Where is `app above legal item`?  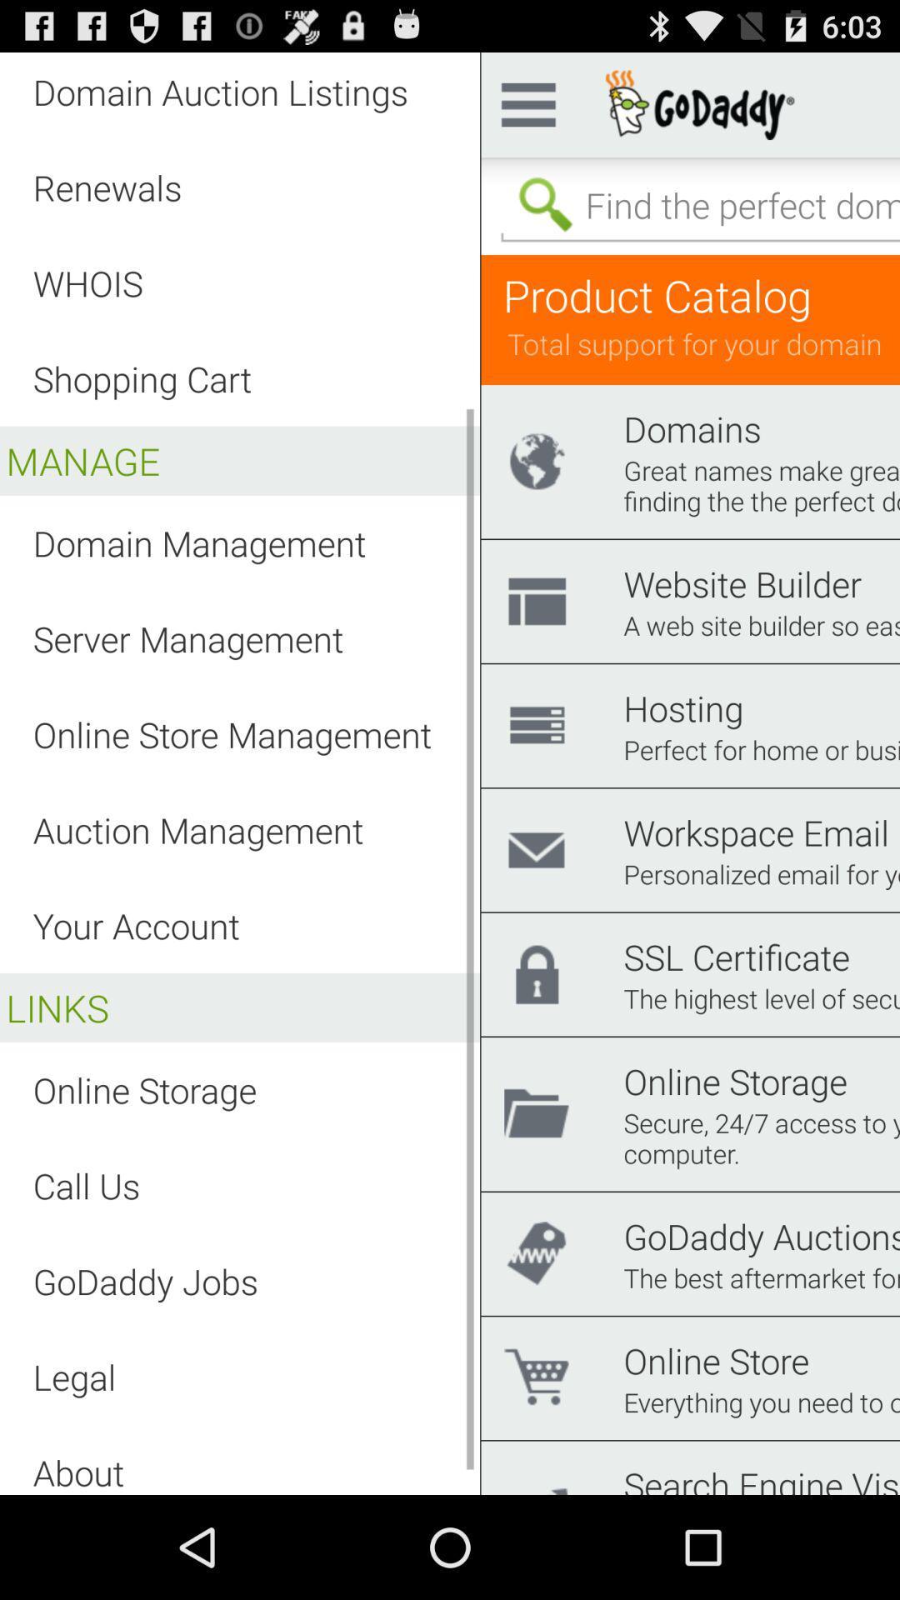 app above legal item is located at coordinates (144, 1280).